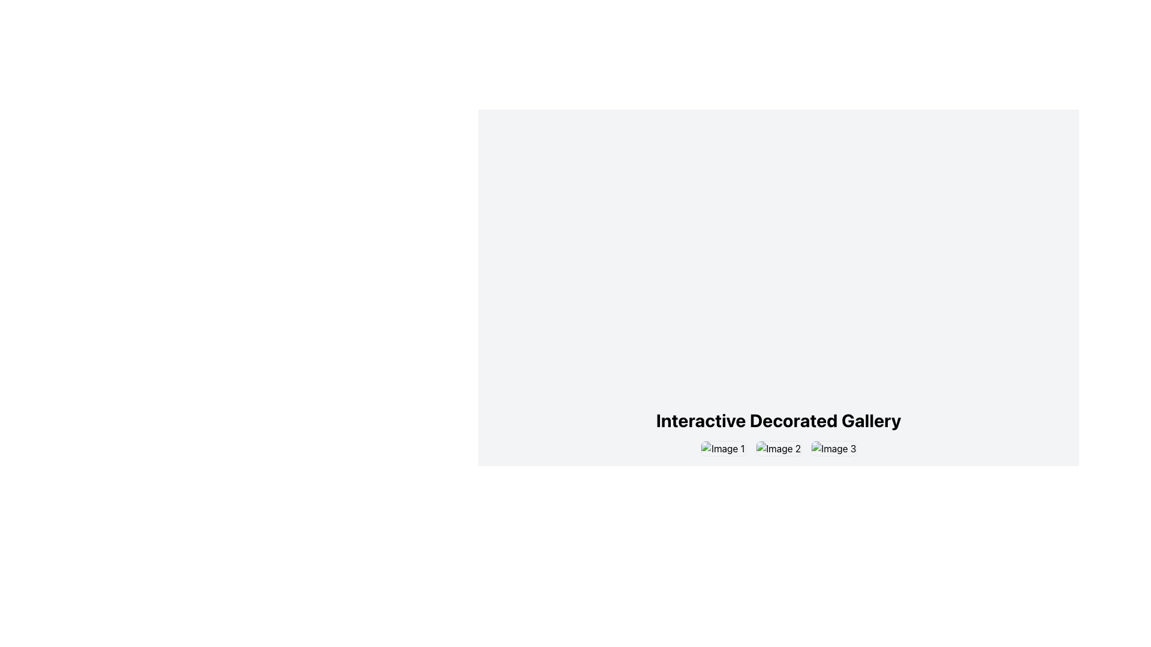 This screenshot has width=1151, height=647. What do you see at coordinates (833, 448) in the screenshot?
I see `the third image in the gallery, labeled 'Image 3'` at bounding box center [833, 448].